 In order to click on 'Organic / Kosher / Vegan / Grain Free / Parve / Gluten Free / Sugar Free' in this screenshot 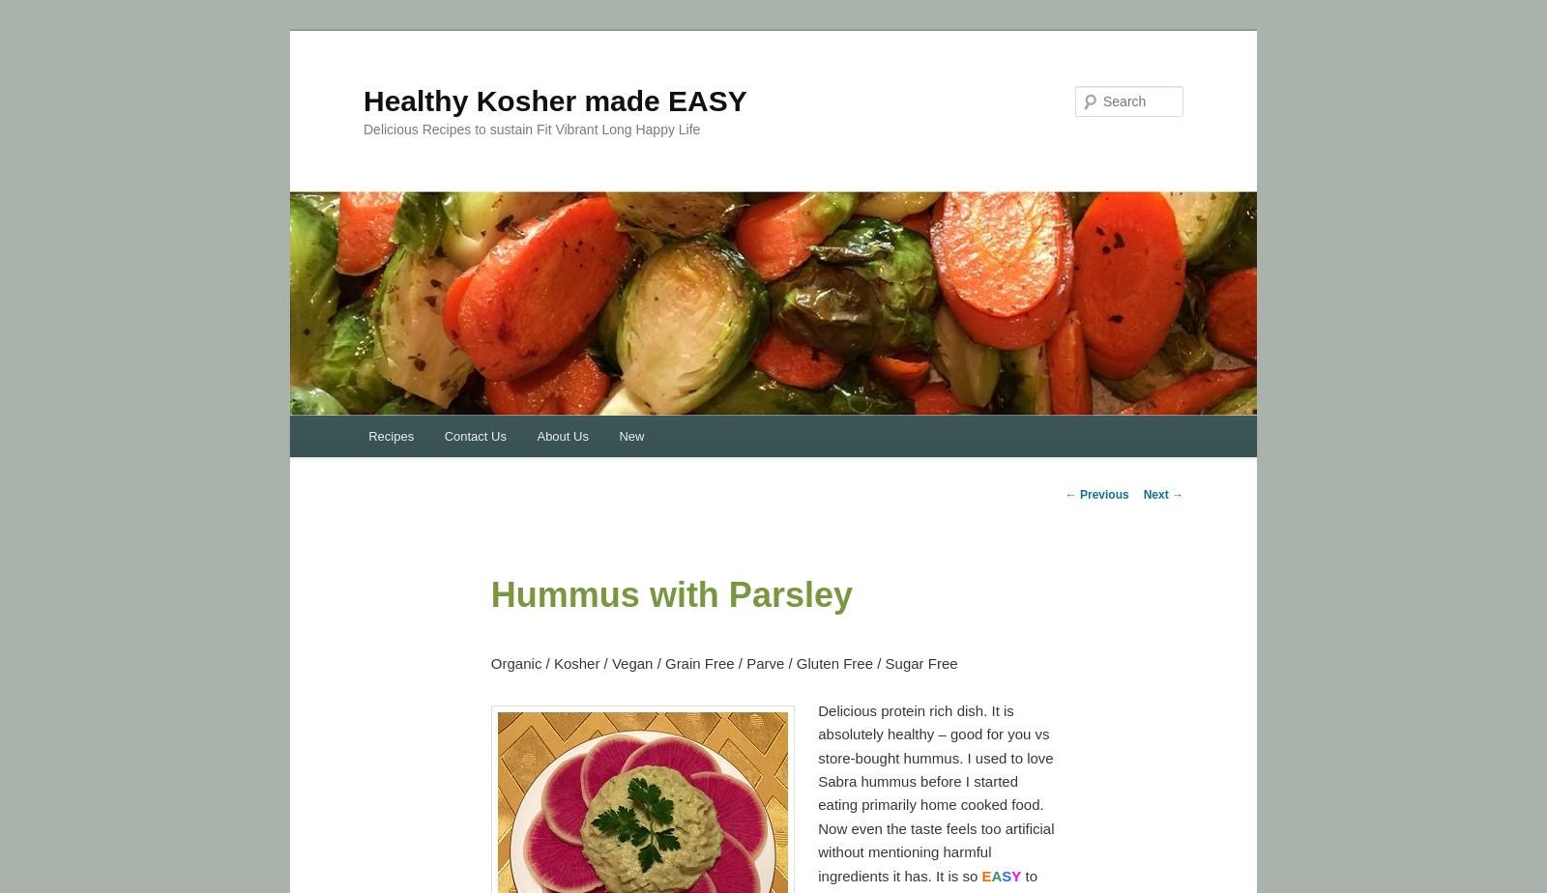, I will do `click(723, 663)`.